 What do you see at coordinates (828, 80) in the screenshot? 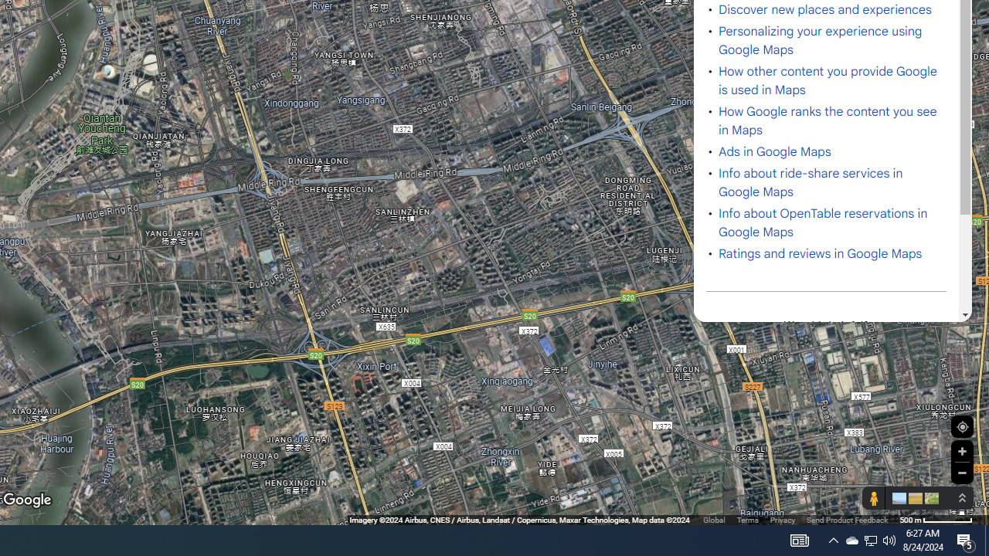
I see `'How other content you provide Google is used in Maps'` at bounding box center [828, 80].